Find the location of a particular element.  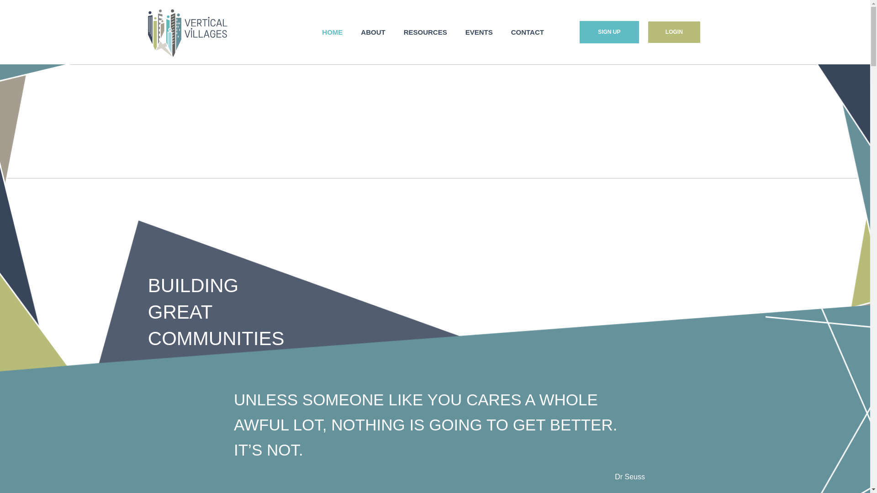

'SIGN UP' is located at coordinates (609, 31).